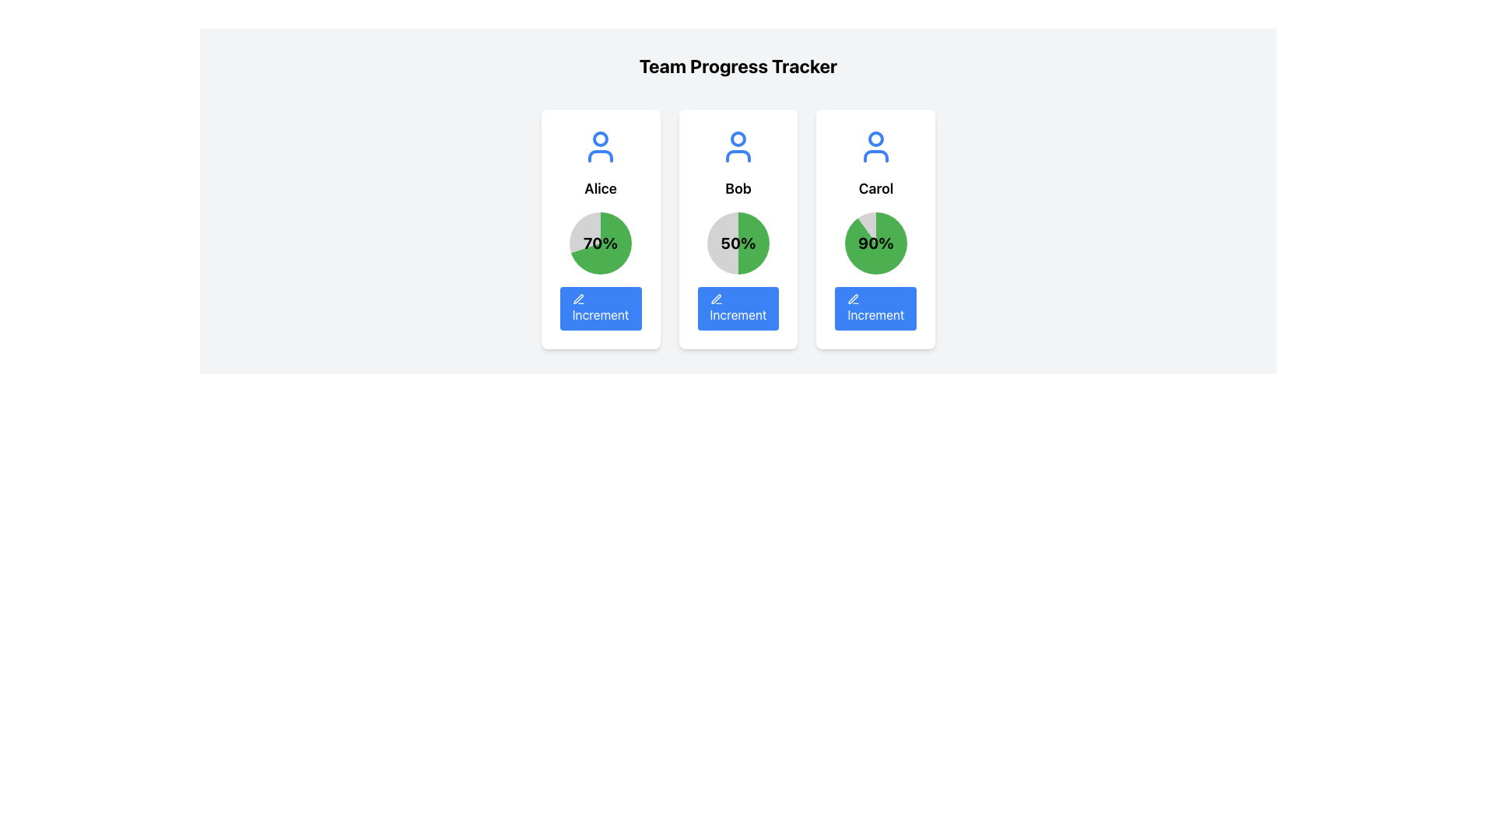 The width and height of the screenshot is (1494, 840). I want to click on the increment button located at the bottom section of the card labeled 'Bob' to increment the associated value, so click(738, 309).